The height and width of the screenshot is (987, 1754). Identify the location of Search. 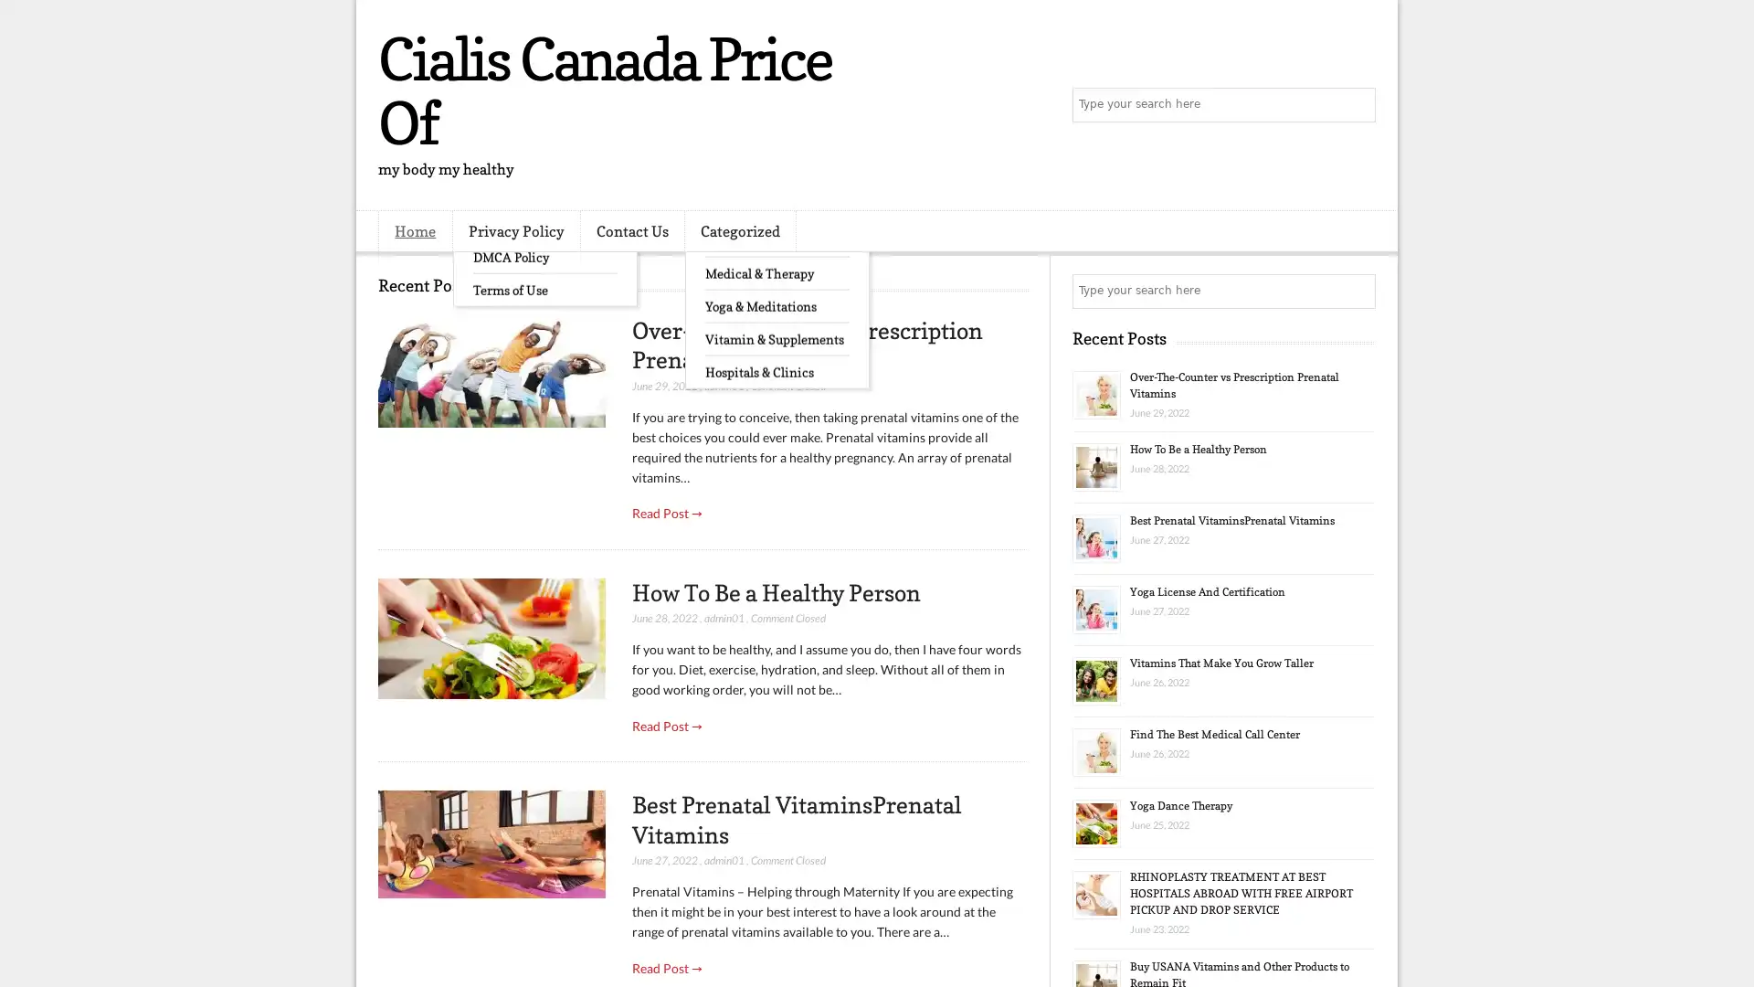
(1357, 105).